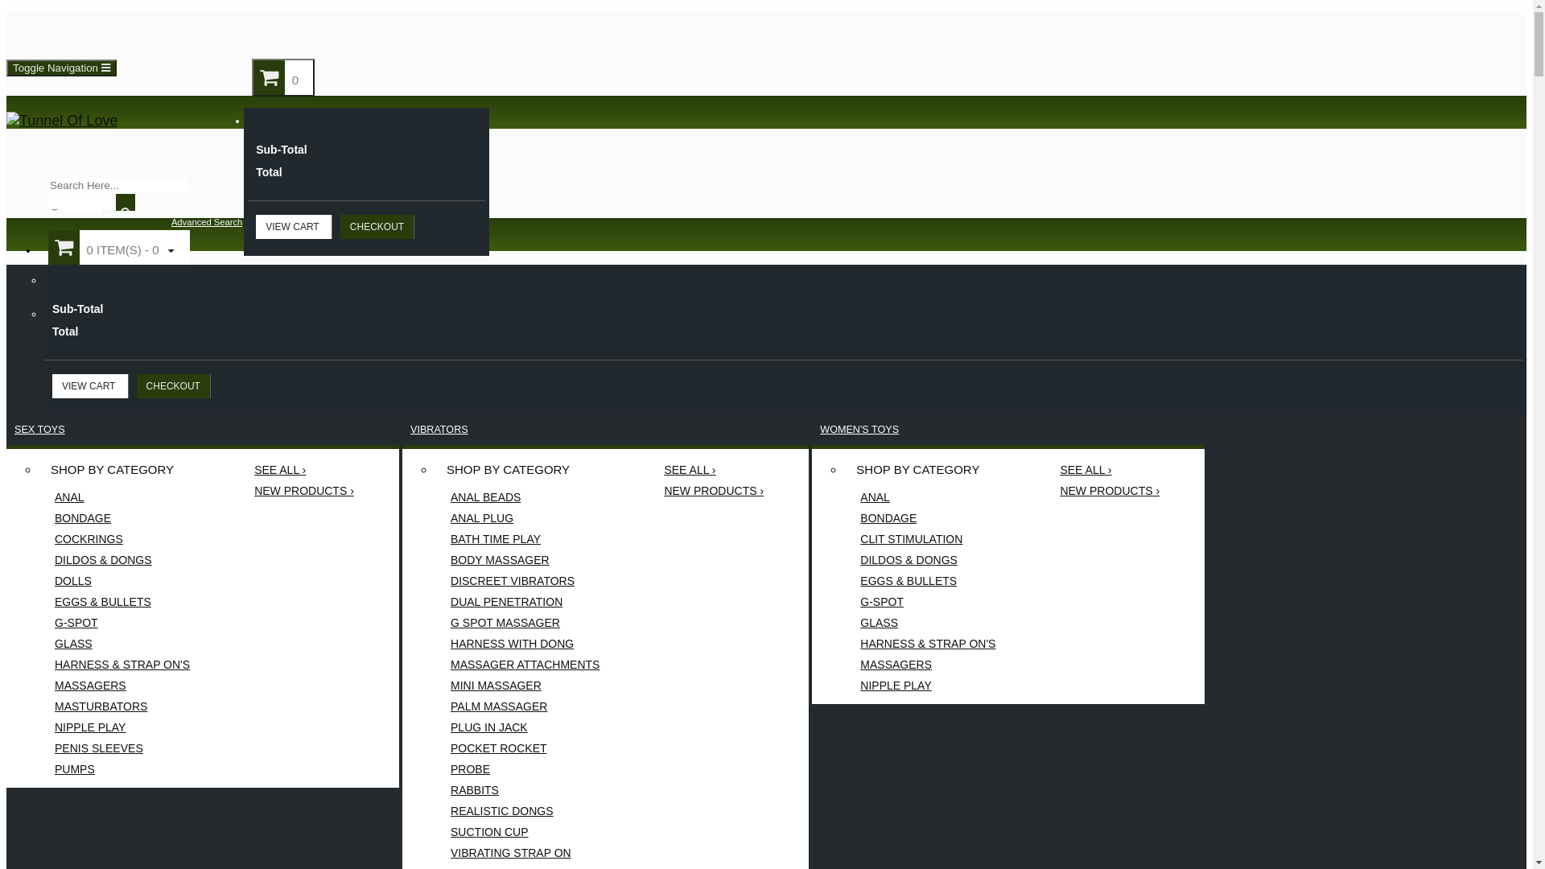 The width and height of the screenshot is (1545, 869). What do you see at coordinates (294, 226) in the screenshot?
I see `'VIEW CART'` at bounding box center [294, 226].